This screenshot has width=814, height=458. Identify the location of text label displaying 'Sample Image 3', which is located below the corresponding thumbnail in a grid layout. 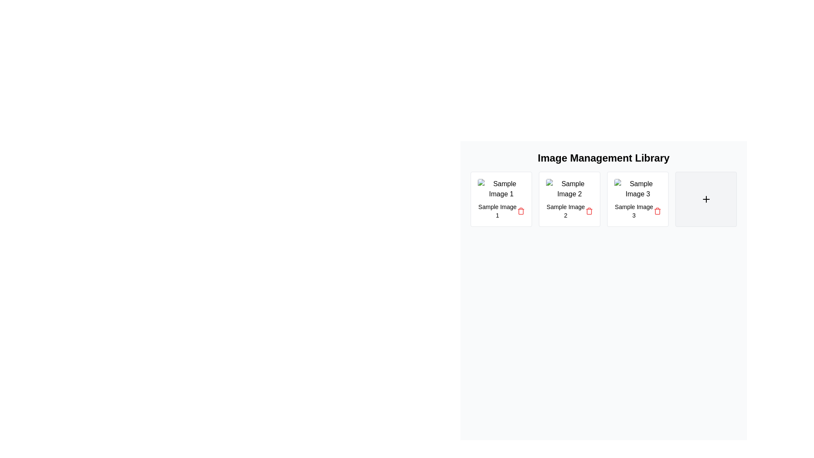
(634, 210).